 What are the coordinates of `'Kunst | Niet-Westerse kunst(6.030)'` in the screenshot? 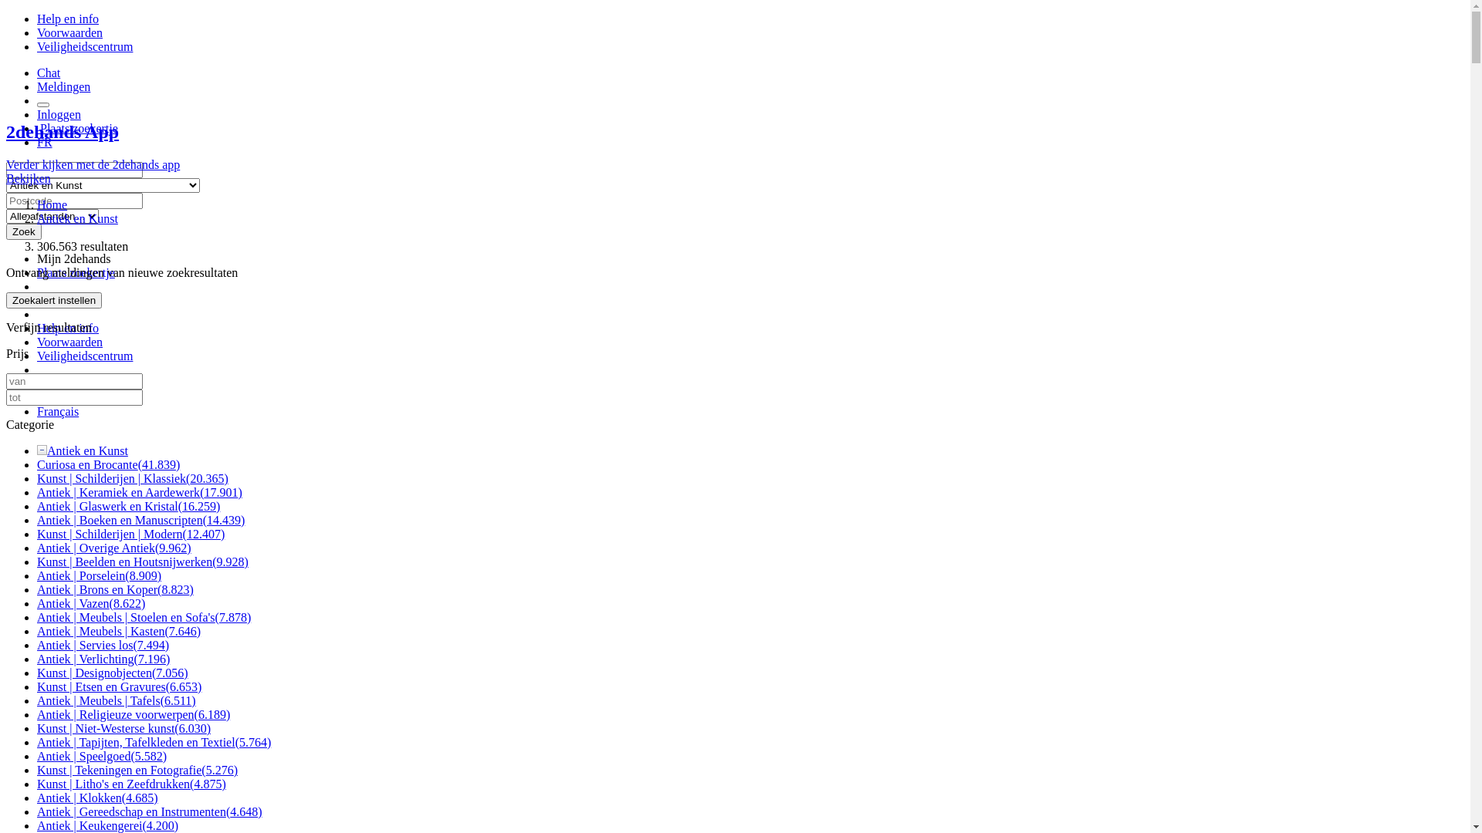 It's located at (123, 728).